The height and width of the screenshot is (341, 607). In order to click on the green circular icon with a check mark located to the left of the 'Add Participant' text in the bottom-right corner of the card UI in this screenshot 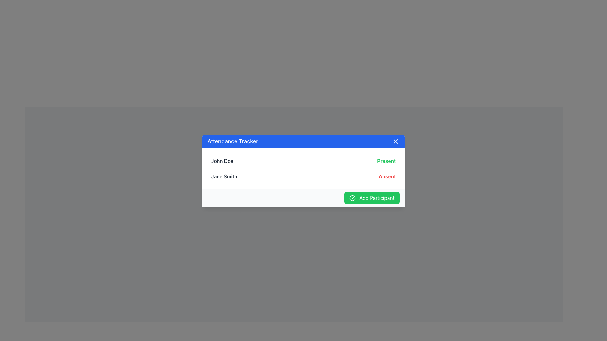, I will do `click(352, 198)`.